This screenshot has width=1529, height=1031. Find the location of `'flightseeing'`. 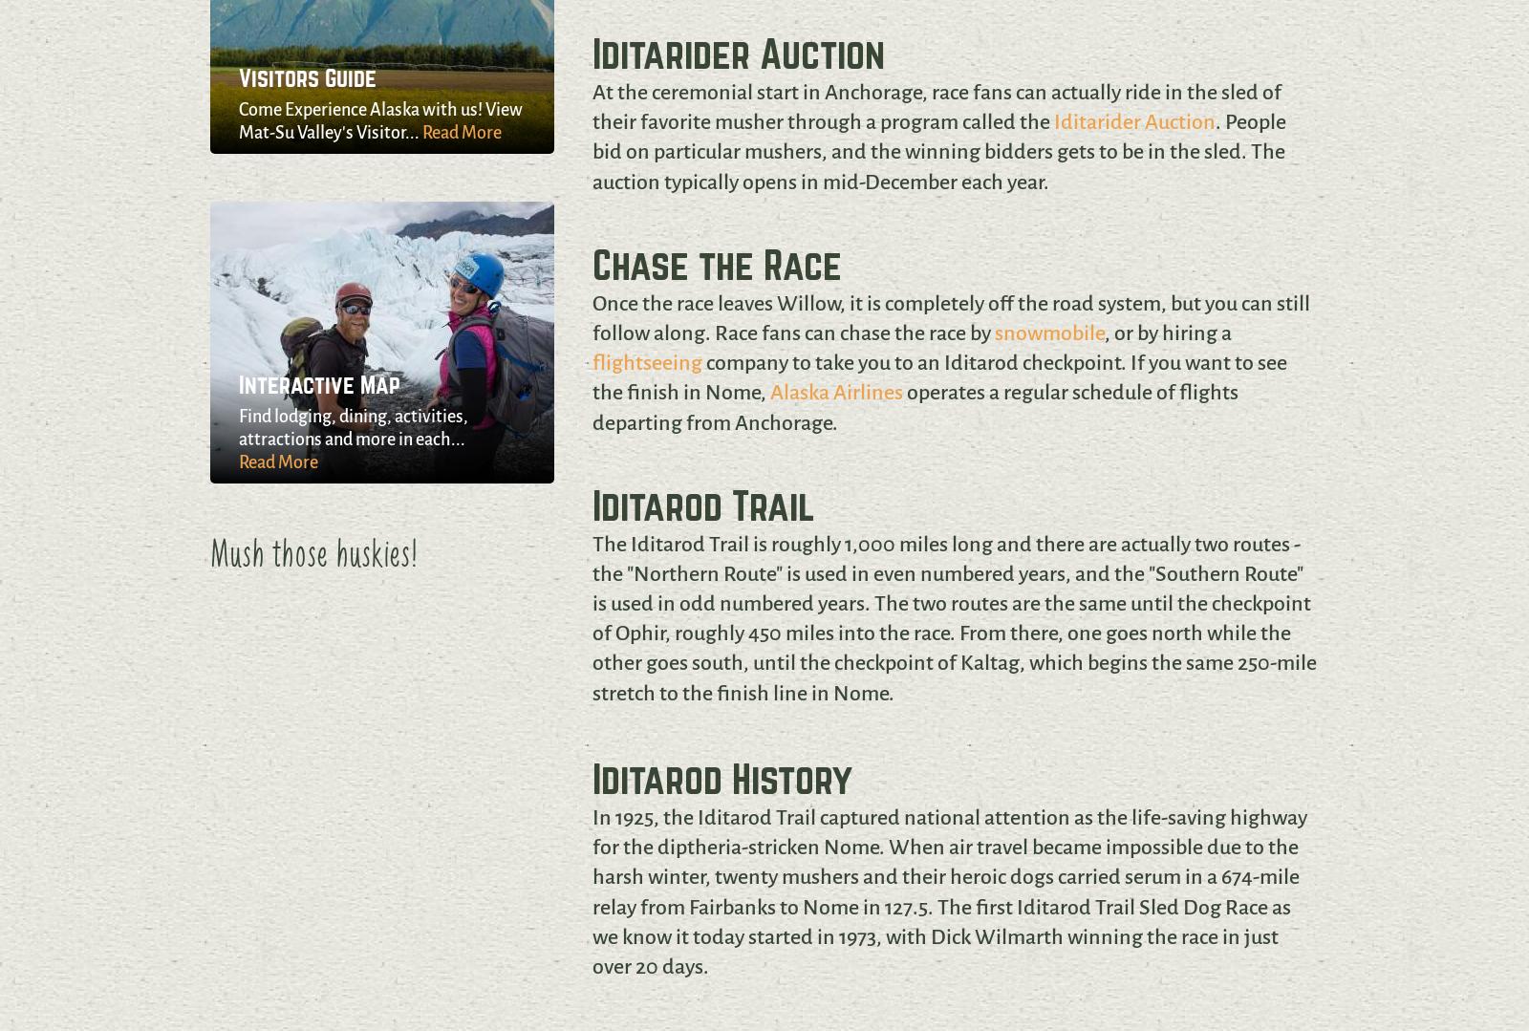

'flightseeing' is located at coordinates (646, 362).